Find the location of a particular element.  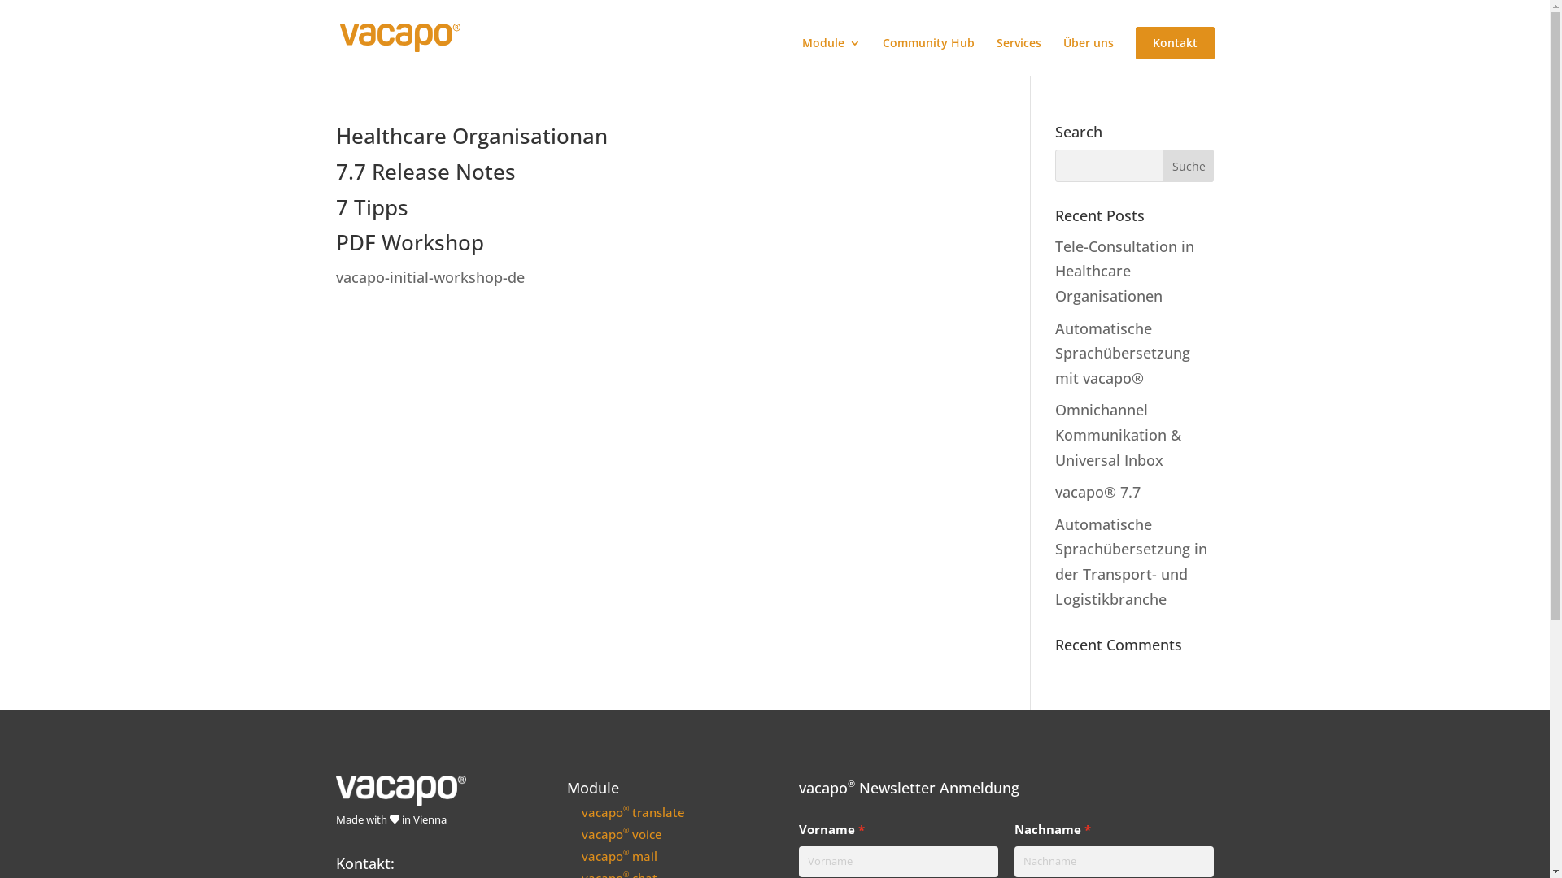

'Omnichannel Kommunikation & Universal Inbox' is located at coordinates (1117, 433).